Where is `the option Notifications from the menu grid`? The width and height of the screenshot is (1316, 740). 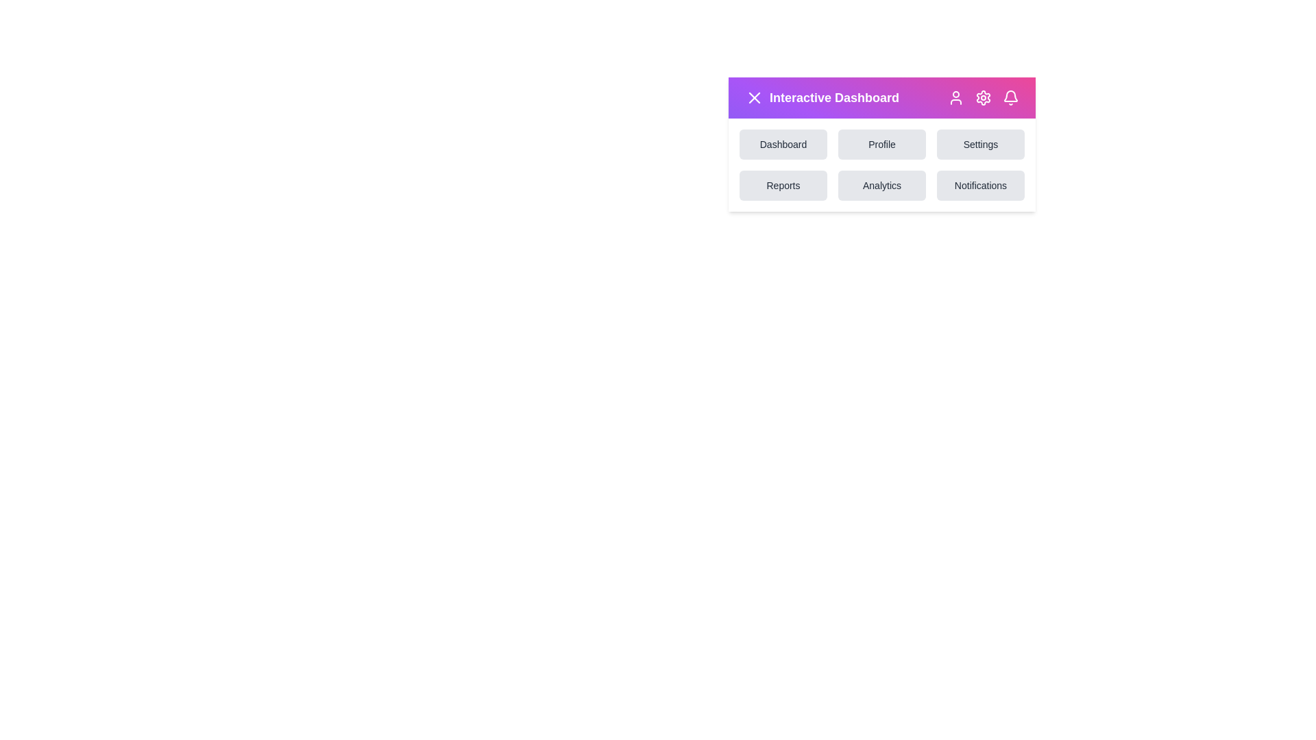 the option Notifications from the menu grid is located at coordinates (979, 185).